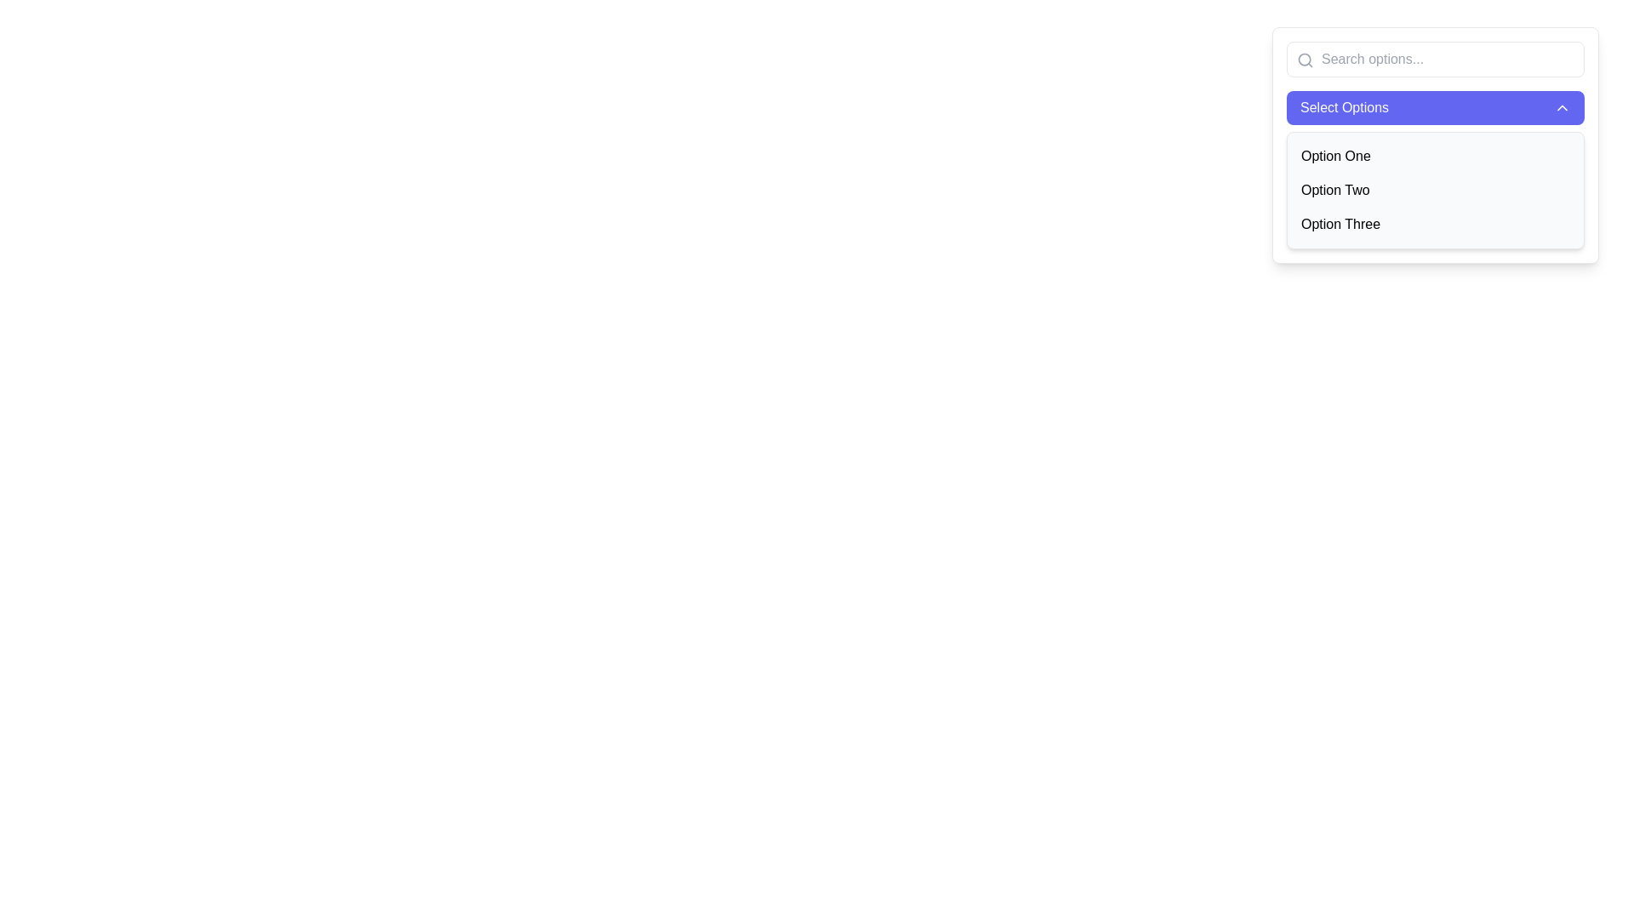  Describe the element at coordinates (1340, 223) in the screenshot. I see `the dropdown option labeled 'Option Three'` at that location.